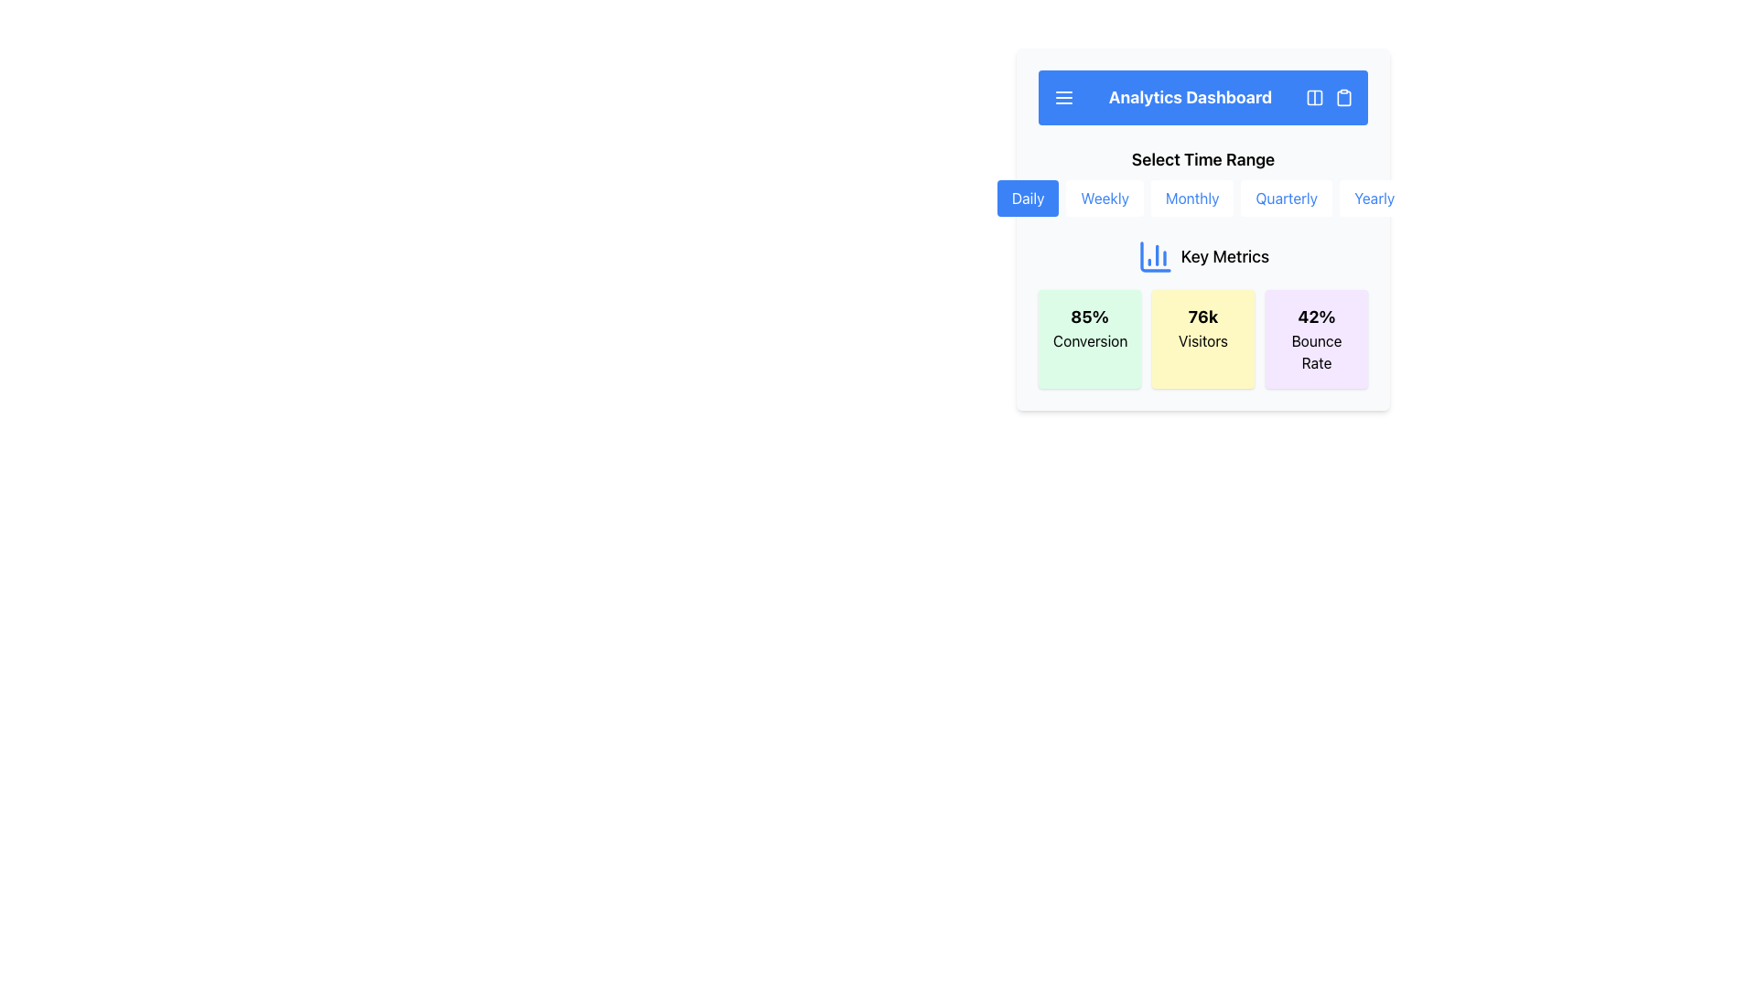 Image resolution: width=1757 pixels, height=988 pixels. Describe the element at coordinates (1316, 352) in the screenshot. I see `the text label displaying 'Bounce Rate' in black font, which is centrally aligned within a light purple box, located directly underneath '42%' in the card-like component of the 'Key Metrics' section` at that location.